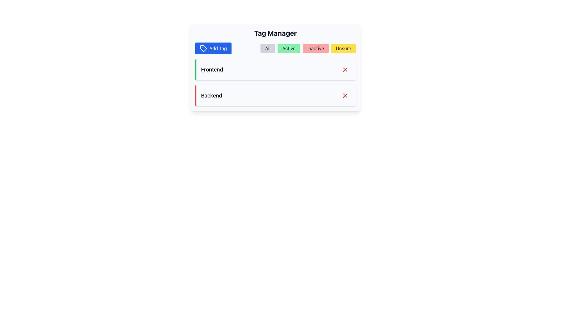  I want to click on the 'Active' filter button located in the button group beneath the 'Tag Manager' label to trigger an interactive effect, so click(289, 48).